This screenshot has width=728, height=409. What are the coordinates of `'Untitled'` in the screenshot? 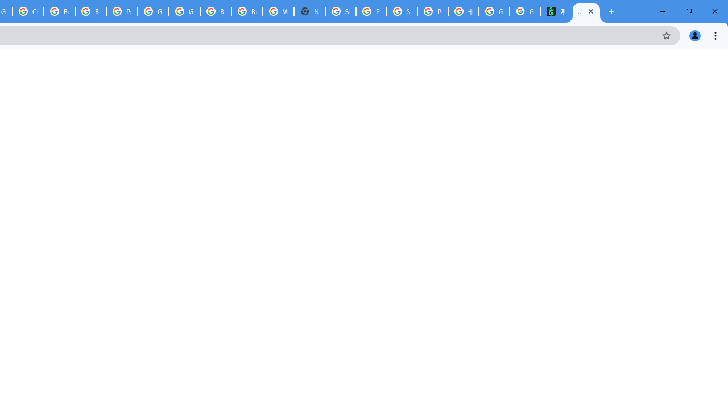 It's located at (586, 11).